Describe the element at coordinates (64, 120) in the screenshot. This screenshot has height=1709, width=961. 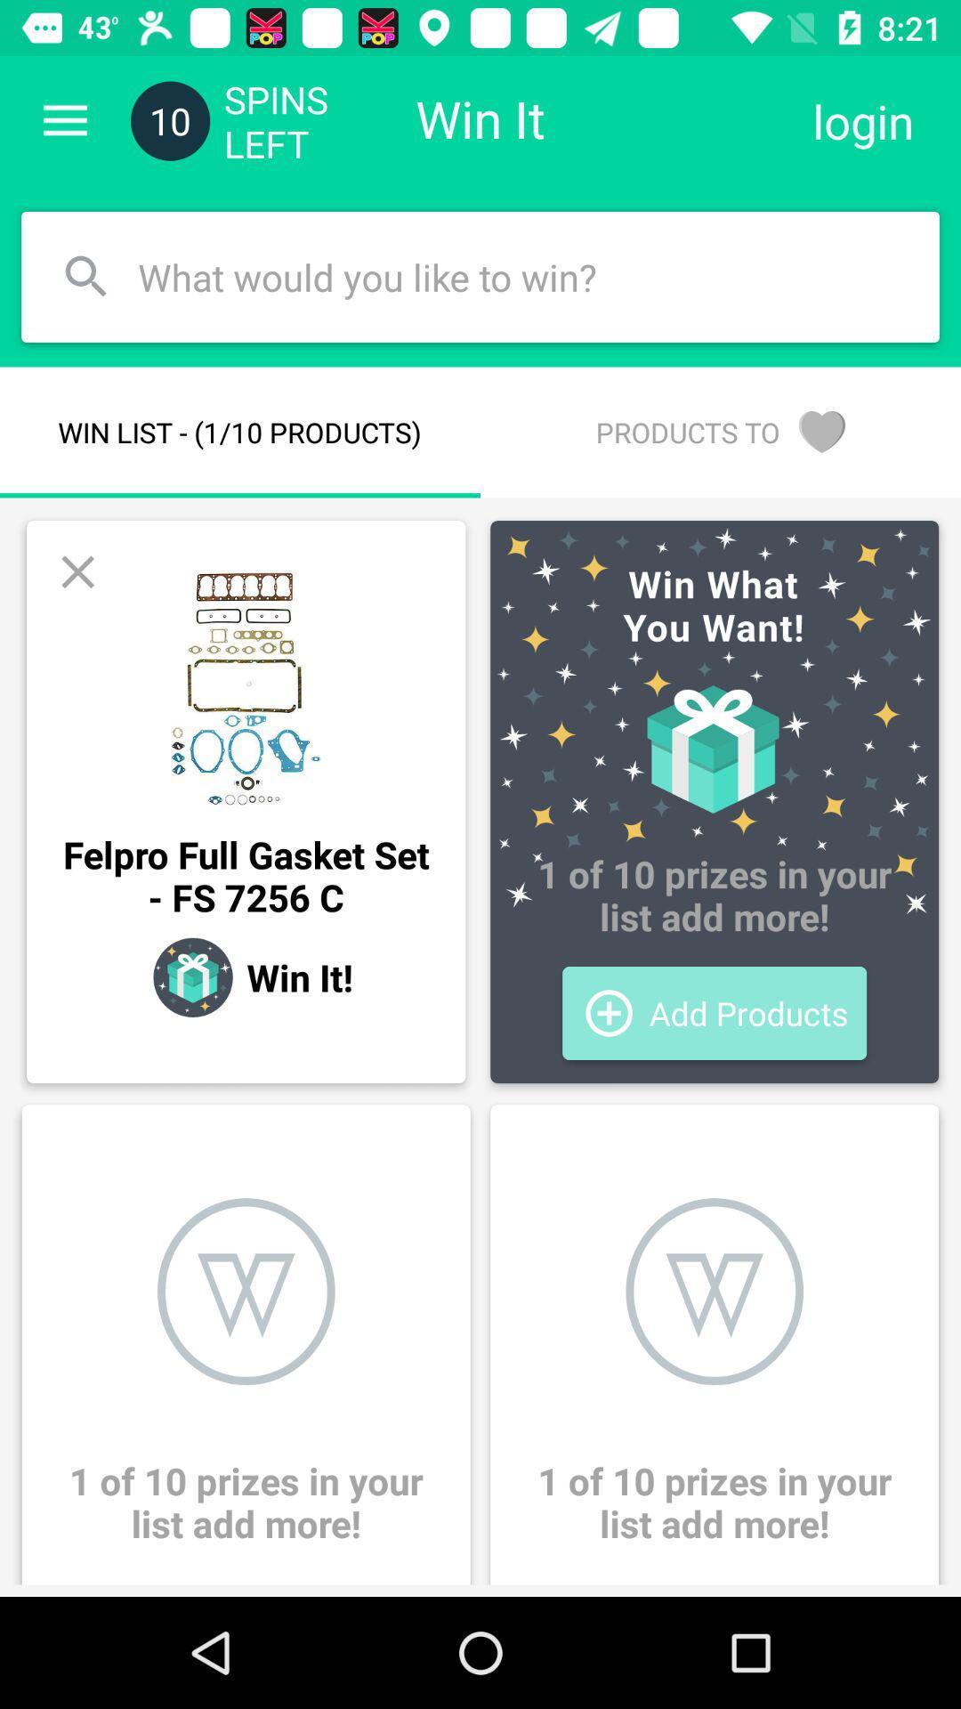
I see `the item to the left of 10` at that location.